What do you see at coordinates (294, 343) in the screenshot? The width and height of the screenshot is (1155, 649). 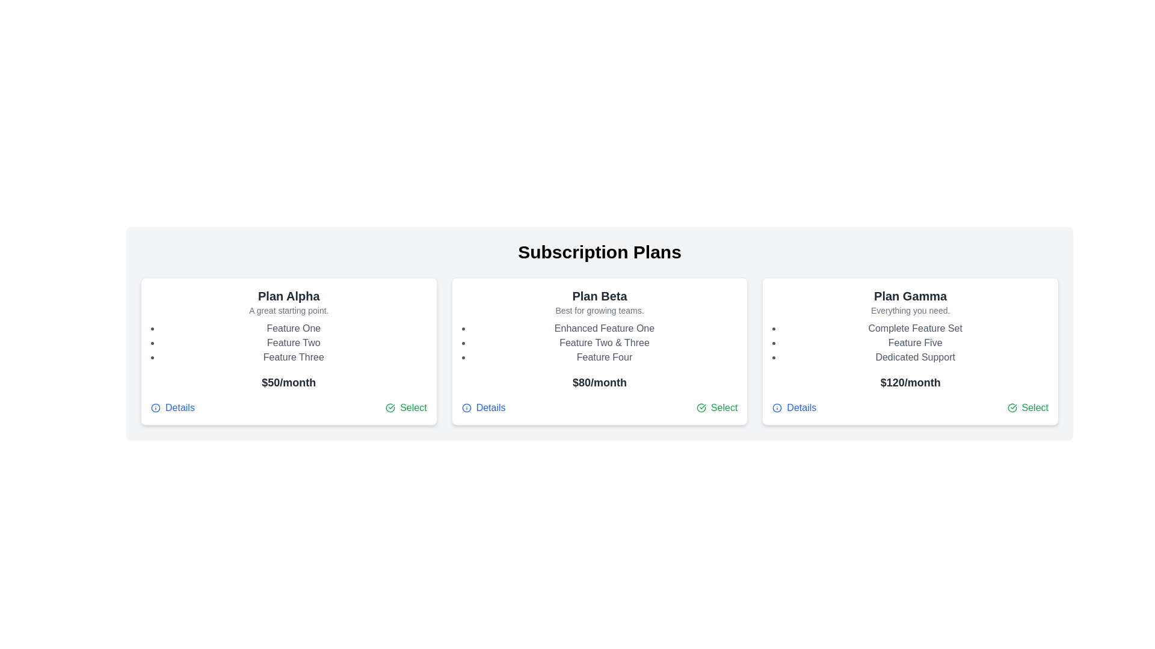 I see `text of the label that reads 'Feature Two', which is the second item in the bulleted list under the 'Plan Alpha' section` at bounding box center [294, 343].